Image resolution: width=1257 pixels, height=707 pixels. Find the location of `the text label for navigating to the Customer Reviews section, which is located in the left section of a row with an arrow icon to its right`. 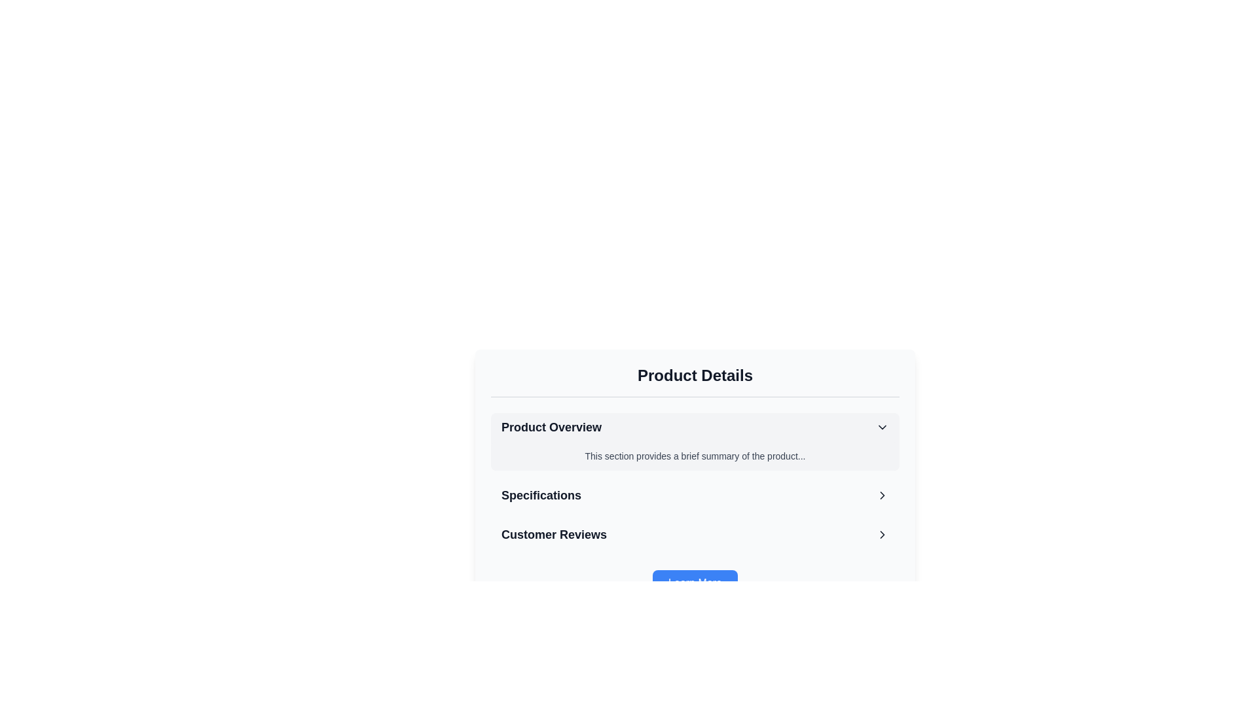

the text label for navigating to the Customer Reviews section, which is located in the left section of a row with an arrow icon to its right is located at coordinates (554, 535).